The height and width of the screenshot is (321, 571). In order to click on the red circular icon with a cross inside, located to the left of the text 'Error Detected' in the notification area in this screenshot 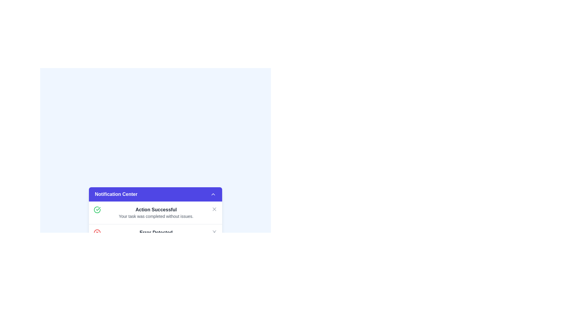, I will do `click(97, 232)`.